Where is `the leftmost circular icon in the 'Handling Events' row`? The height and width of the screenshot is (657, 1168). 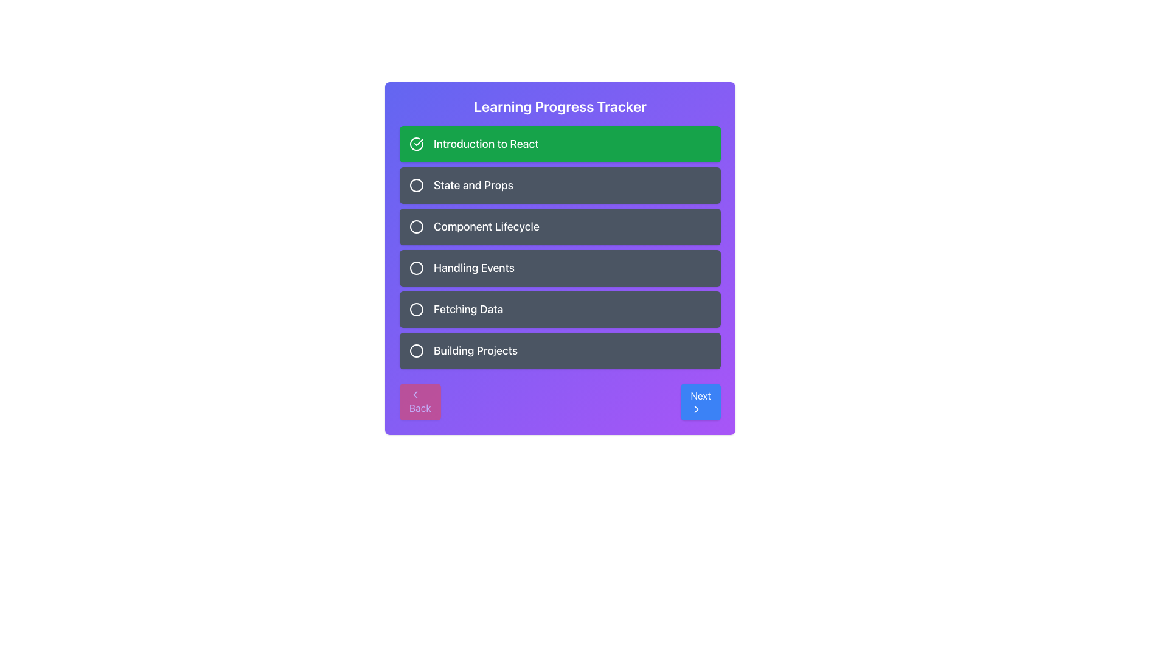
the leftmost circular icon in the 'Handling Events' row is located at coordinates (417, 267).